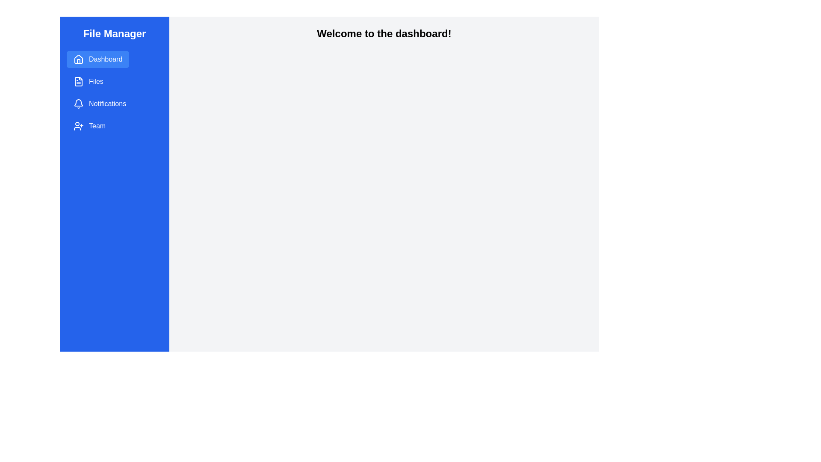  What do you see at coordinates (78, 102) in the screenshot?
I see `the bell-shaped notification icon located in the left-hand navigation bar` at bounding box center [78, 102].